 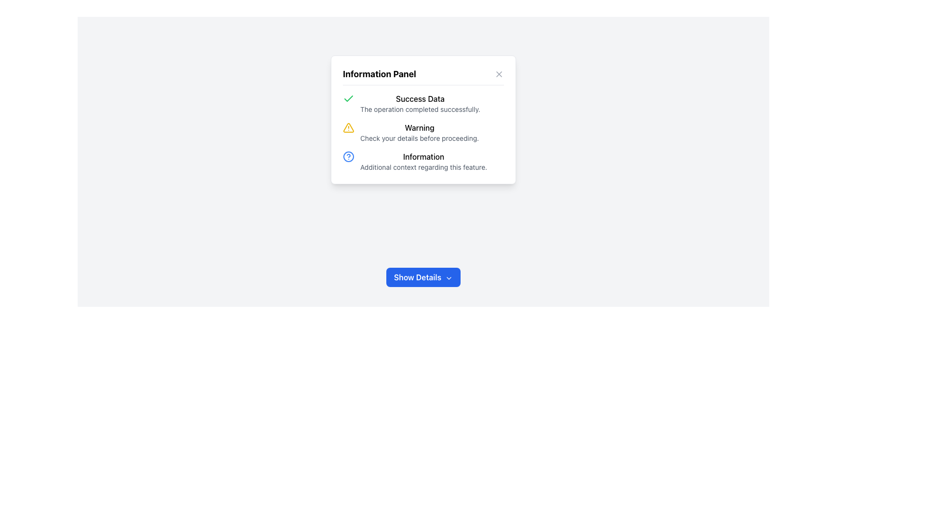 What do you see at coordinates (423, 161) in the screenshot?
I see `the blue question mark icon in the Informational text section` at bounding box center [423, 161].